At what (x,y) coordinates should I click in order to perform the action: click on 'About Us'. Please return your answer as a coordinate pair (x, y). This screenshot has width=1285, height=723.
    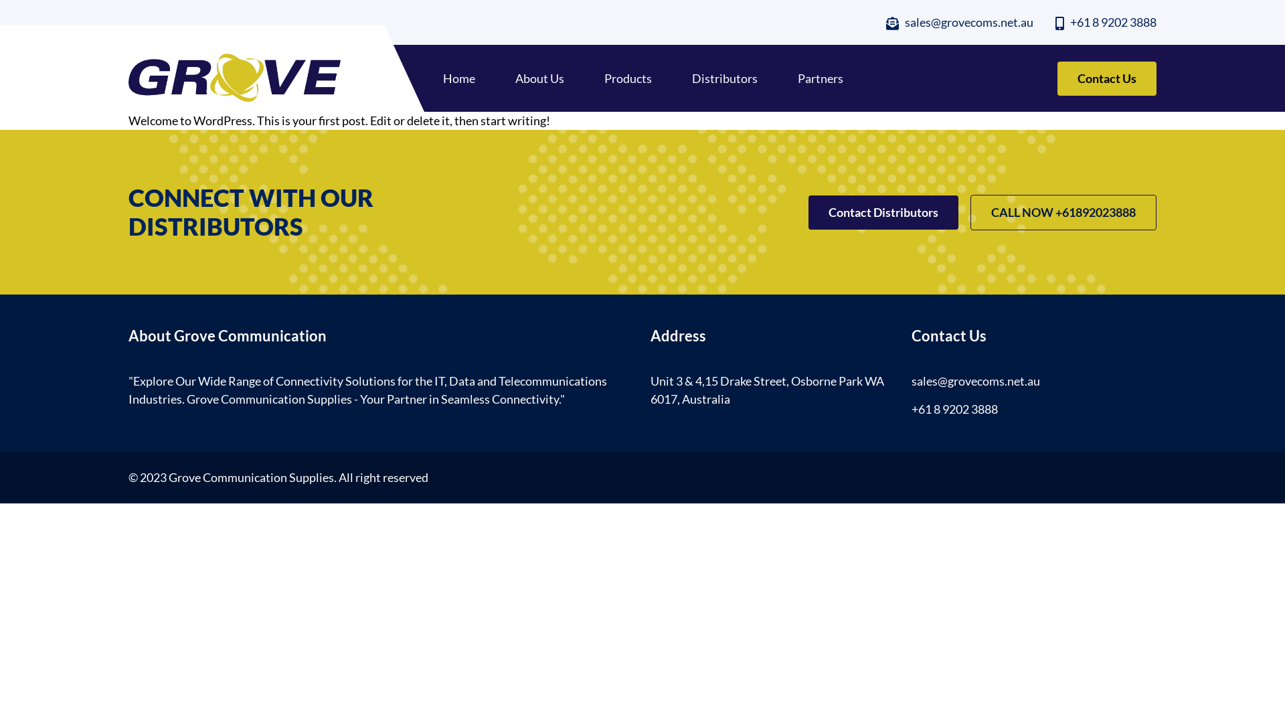
    Looking at the image, I should click on (514, 78).